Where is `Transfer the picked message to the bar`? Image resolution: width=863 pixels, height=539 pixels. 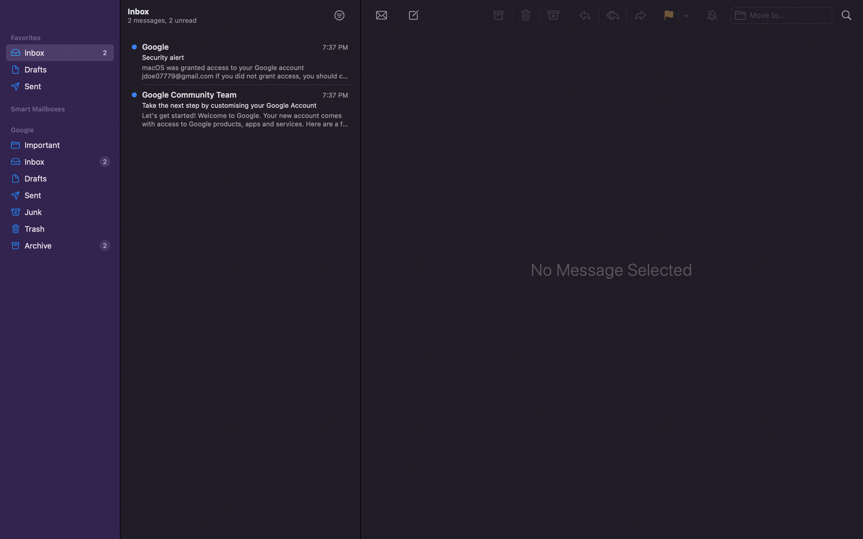 Transfer the picked message to the bar is located at coordinates (782, 14).